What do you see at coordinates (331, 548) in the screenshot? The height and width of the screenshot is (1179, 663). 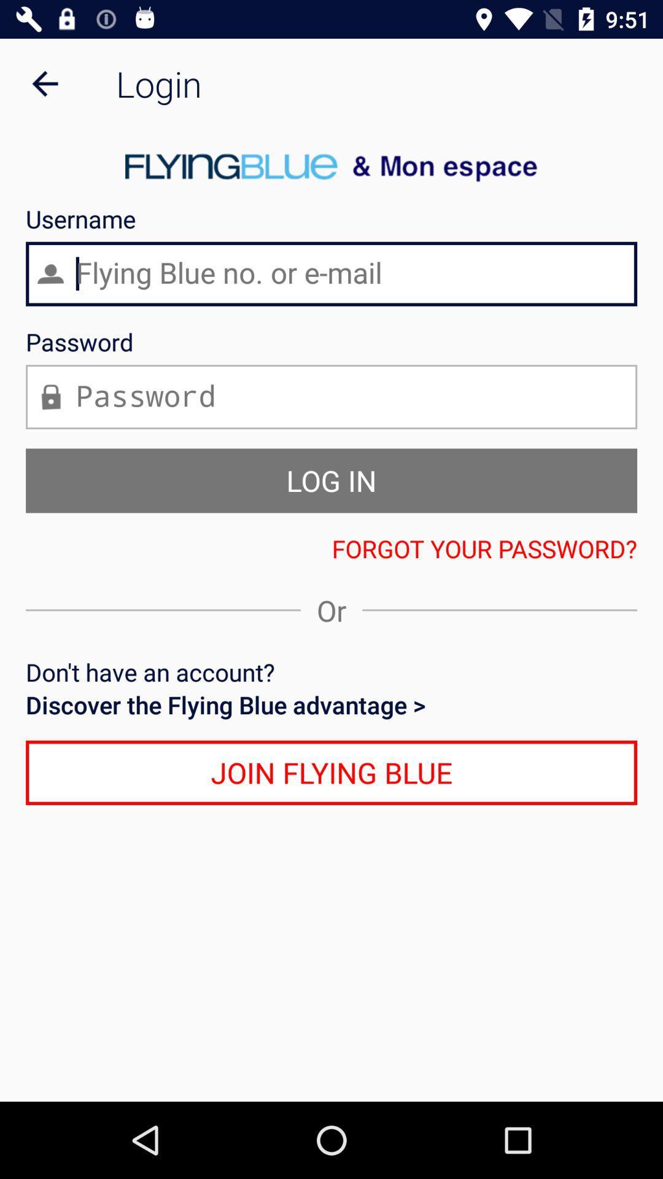 I see `the icon above the or` at bounding box center [331, 548].